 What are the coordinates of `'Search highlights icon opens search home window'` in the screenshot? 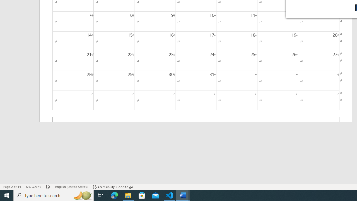 It's located at (82, 195).